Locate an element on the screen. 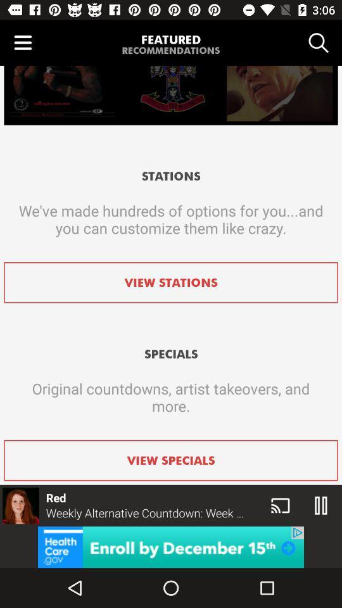  the pause icon is located at coordinates (321, 505).